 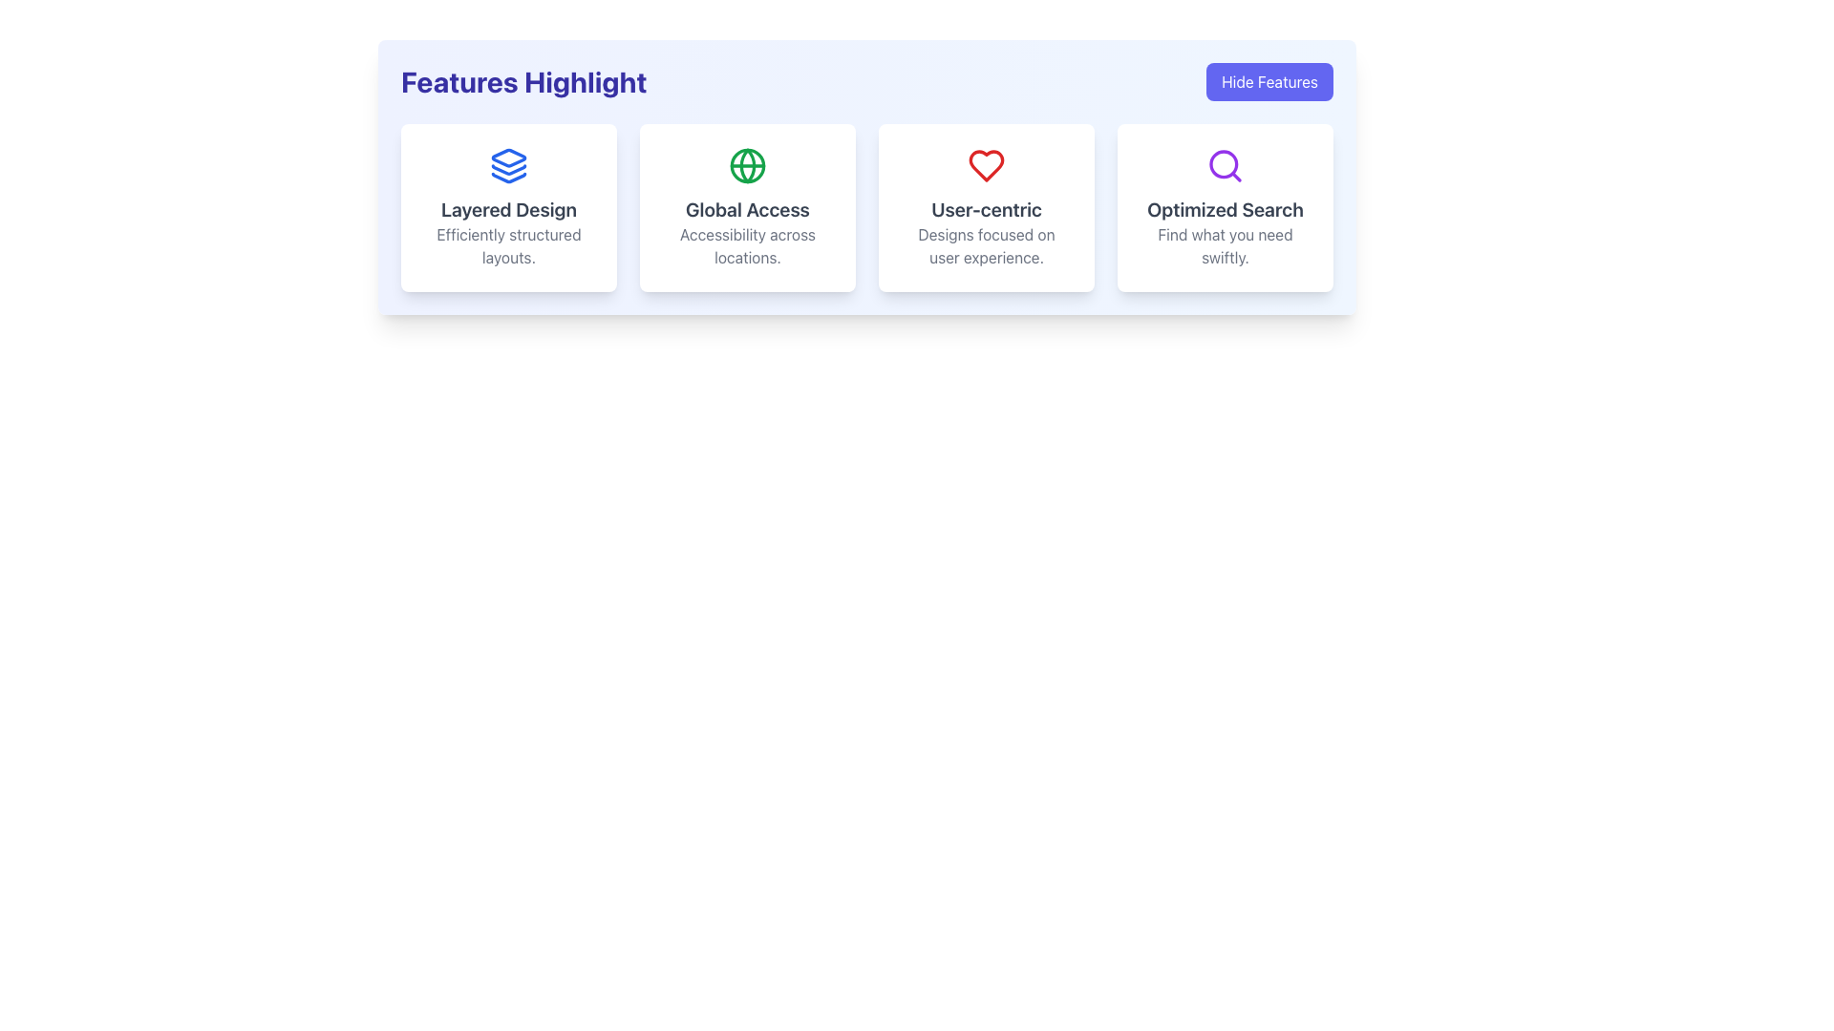 What do you see at coordinates (508, 164) in the screenshot?
I see `the blue outlined icon representing a stack of layers, which is centered above the text 'Layered Design' in the first feature card` at bounding box center [508, 164].